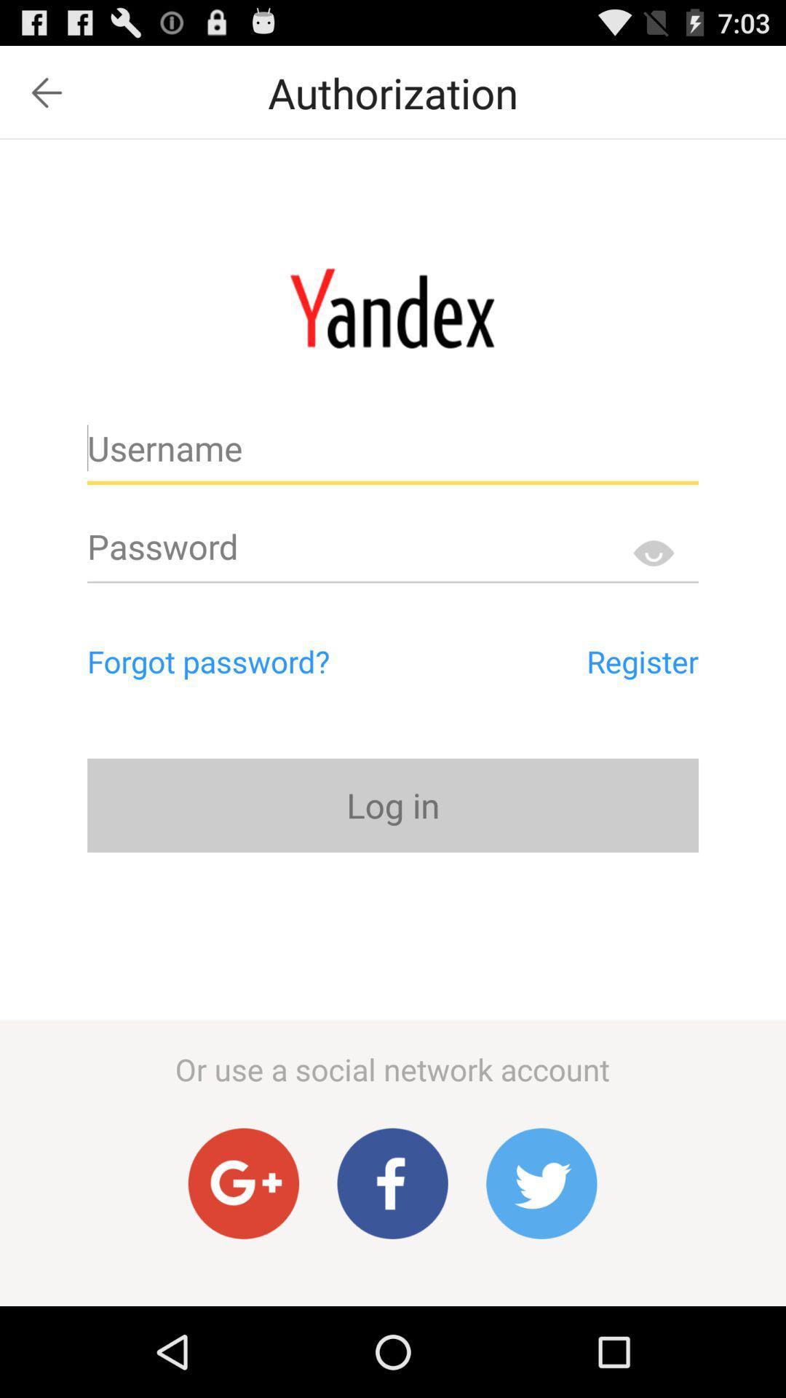 This screenshot has height=1398, width=786. Describe the element at coordinates (393, 552) in the screenshot. I see `write password` at that location.